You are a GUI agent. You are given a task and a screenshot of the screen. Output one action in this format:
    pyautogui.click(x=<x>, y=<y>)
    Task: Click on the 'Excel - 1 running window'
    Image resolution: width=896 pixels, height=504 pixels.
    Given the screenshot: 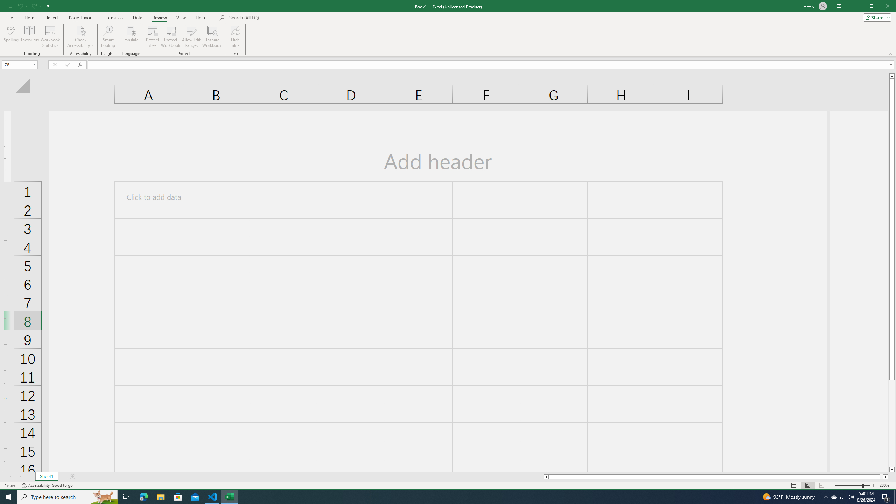 What is the action you would take?
    pyautogui.click(x=230, y=496)
    